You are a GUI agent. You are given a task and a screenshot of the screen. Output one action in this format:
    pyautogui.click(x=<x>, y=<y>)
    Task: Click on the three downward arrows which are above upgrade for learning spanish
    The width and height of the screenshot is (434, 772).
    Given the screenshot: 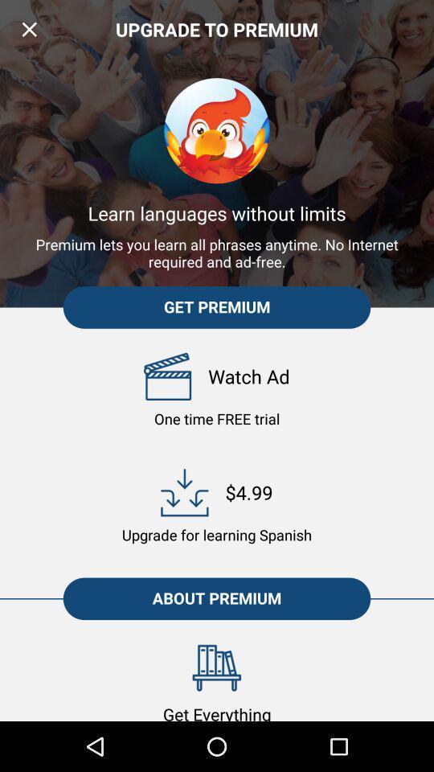 What is the action you would take?
    pyautogui.click(x=183, y=491)
    